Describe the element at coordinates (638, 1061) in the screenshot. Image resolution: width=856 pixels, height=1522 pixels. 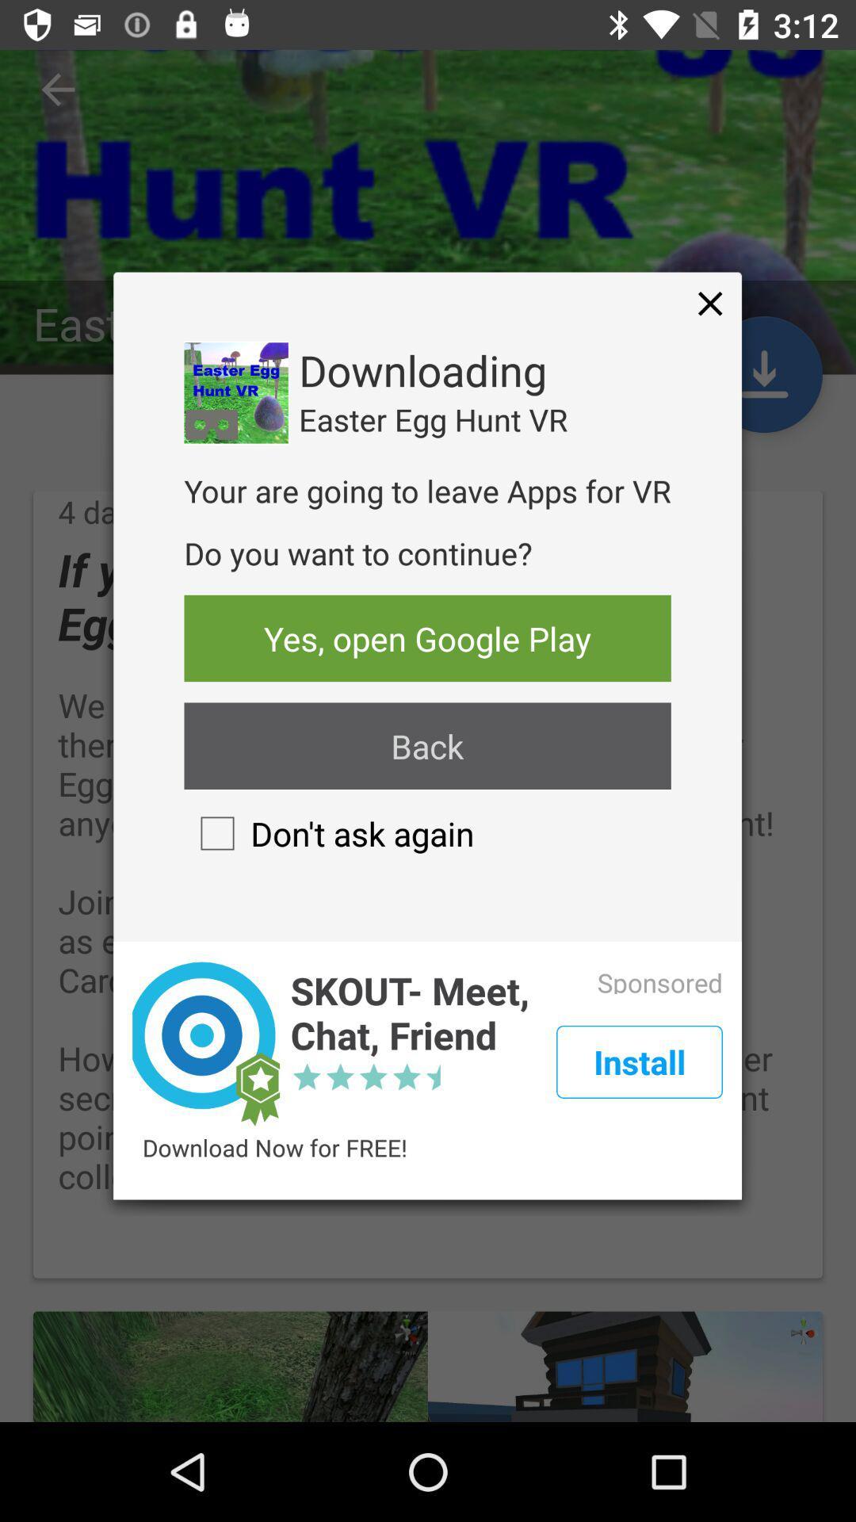
I see `the item next to the skout meet chat item` at that location.